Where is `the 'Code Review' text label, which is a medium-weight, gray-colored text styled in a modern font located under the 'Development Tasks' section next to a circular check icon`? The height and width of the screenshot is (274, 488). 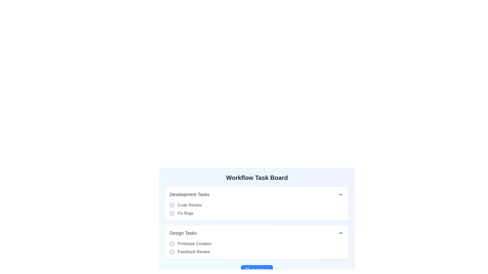
the 'Code Review' text label, which is a medium-weight, gray-colored text styled in a modern font located under the 'Development Tasks' section next to a circular check icon is located at coordinates (189, 205).